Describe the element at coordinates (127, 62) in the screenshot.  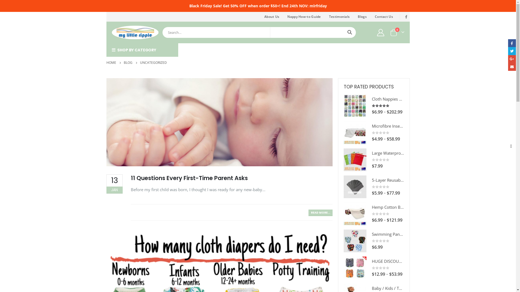
I see `'BLOG'` at that location.